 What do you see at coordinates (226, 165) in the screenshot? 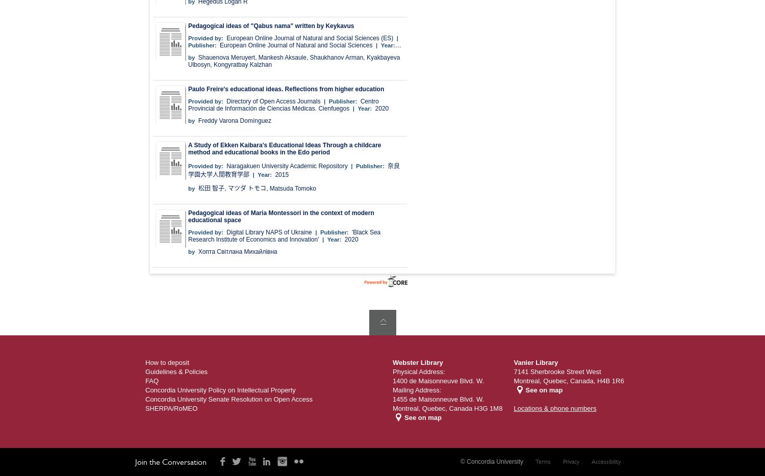
I see `'Naragakuen University Academic Repository'` at bounding box center [226, 165].